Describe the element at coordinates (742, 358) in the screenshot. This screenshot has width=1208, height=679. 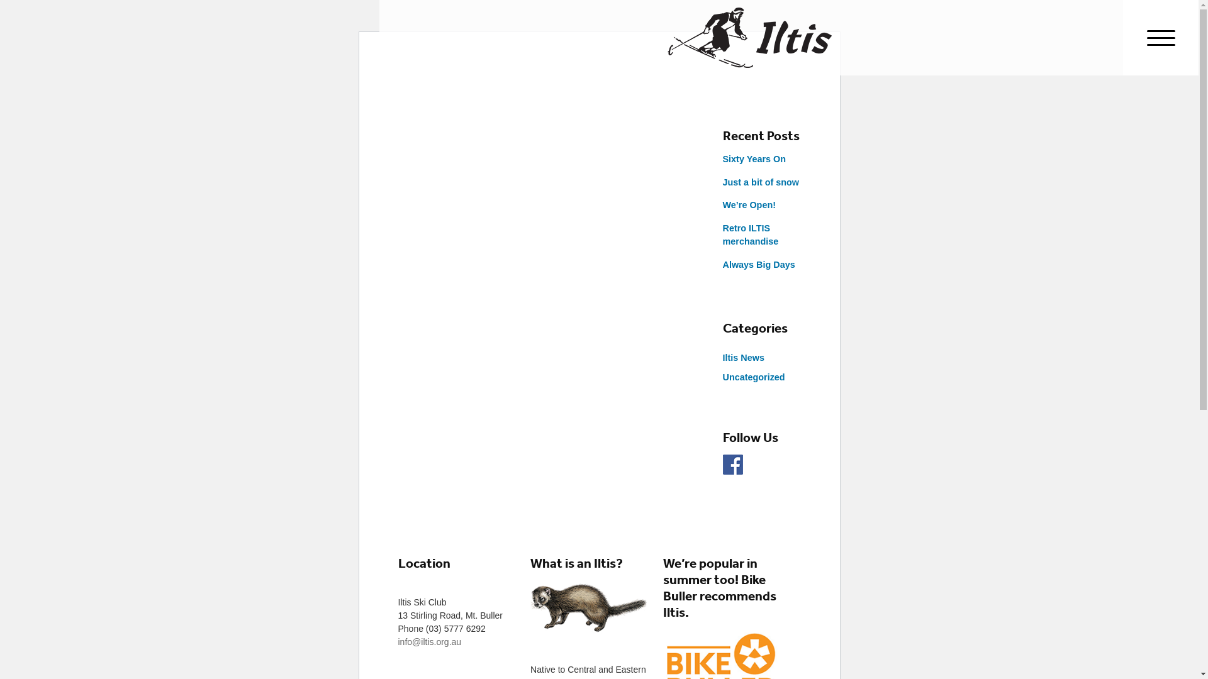
I see `'Iltis News'` at that location.